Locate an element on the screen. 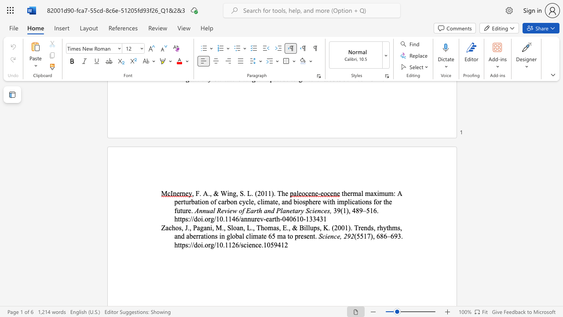 The width and height of the screenshot is (563, 317). the 3th character "." in the text is located at coordinates (245, 193).